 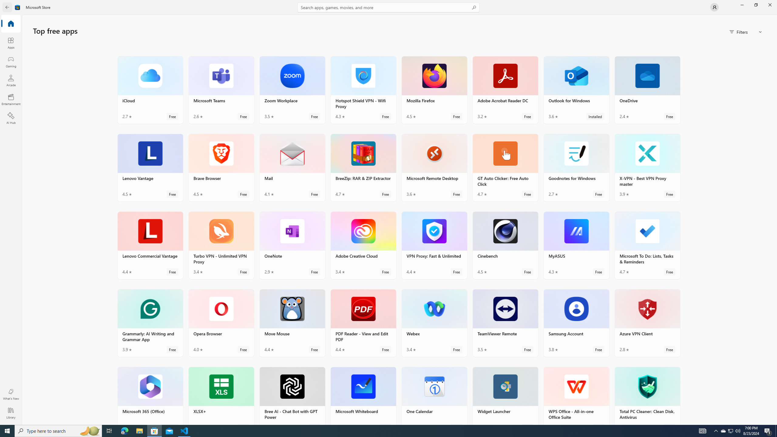 I want to click on 'iCloud. Average rating of 2.7 out of five stars. Free  ', so click(x=150, y=89).